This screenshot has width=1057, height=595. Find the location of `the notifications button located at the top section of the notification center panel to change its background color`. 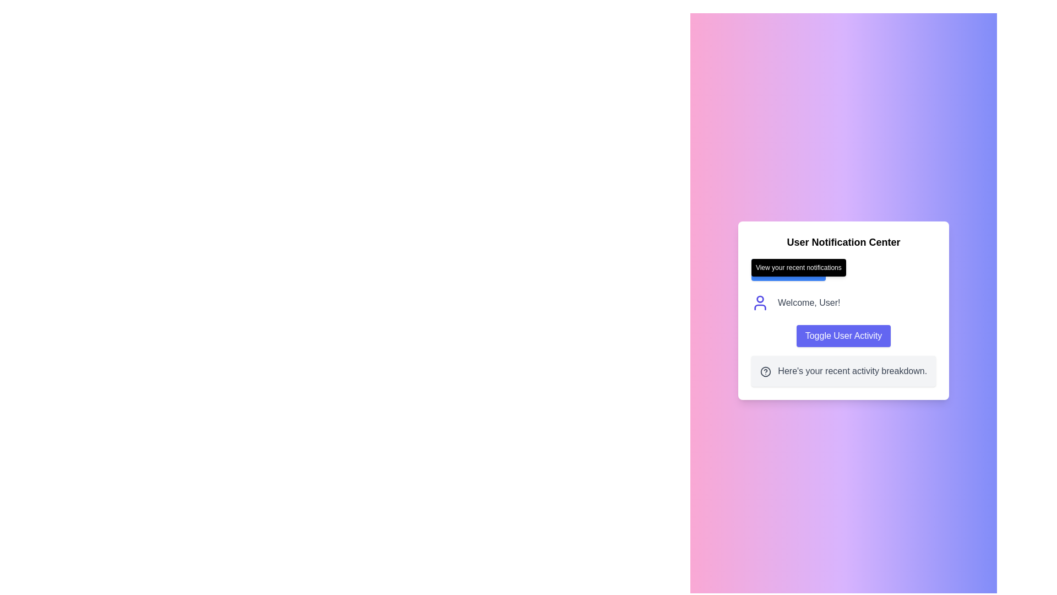

the notifications button located at the top section of the notification center panel to change its background color is located at coordinates (788, 269).